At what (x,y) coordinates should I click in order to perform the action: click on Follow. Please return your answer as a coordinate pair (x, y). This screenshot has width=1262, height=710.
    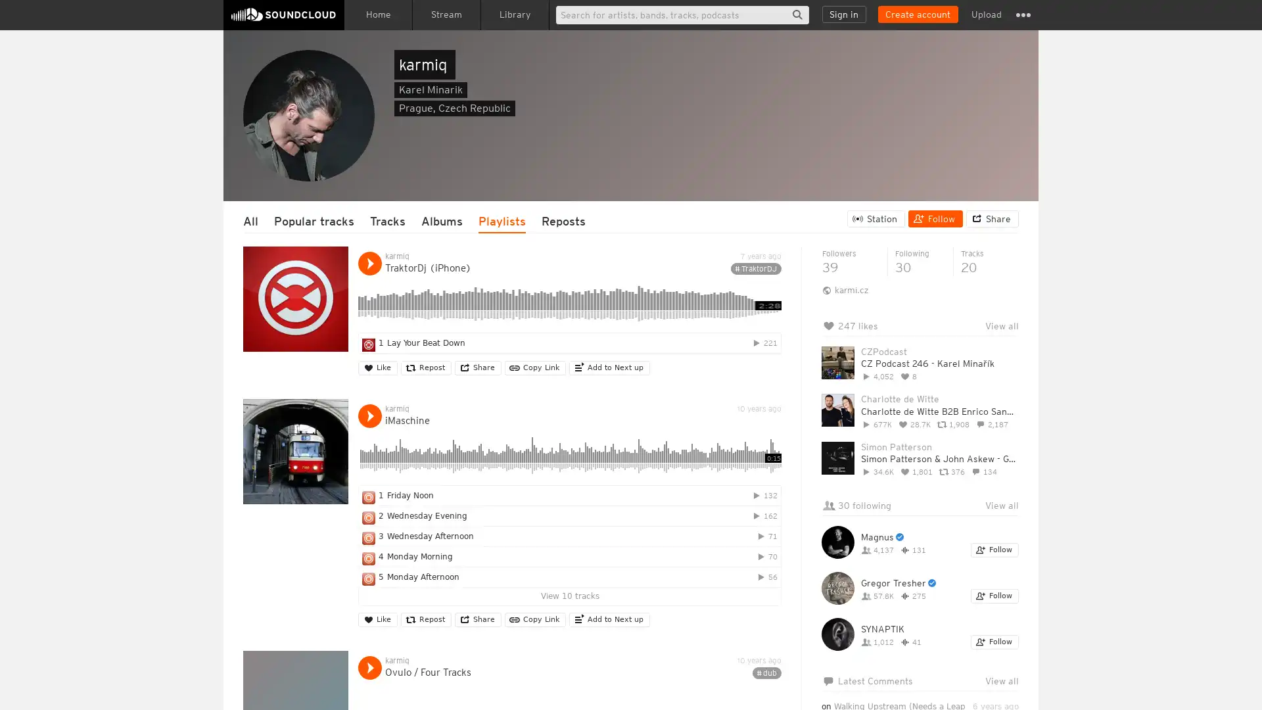
    Looking at the image, I should click on (994, 641).